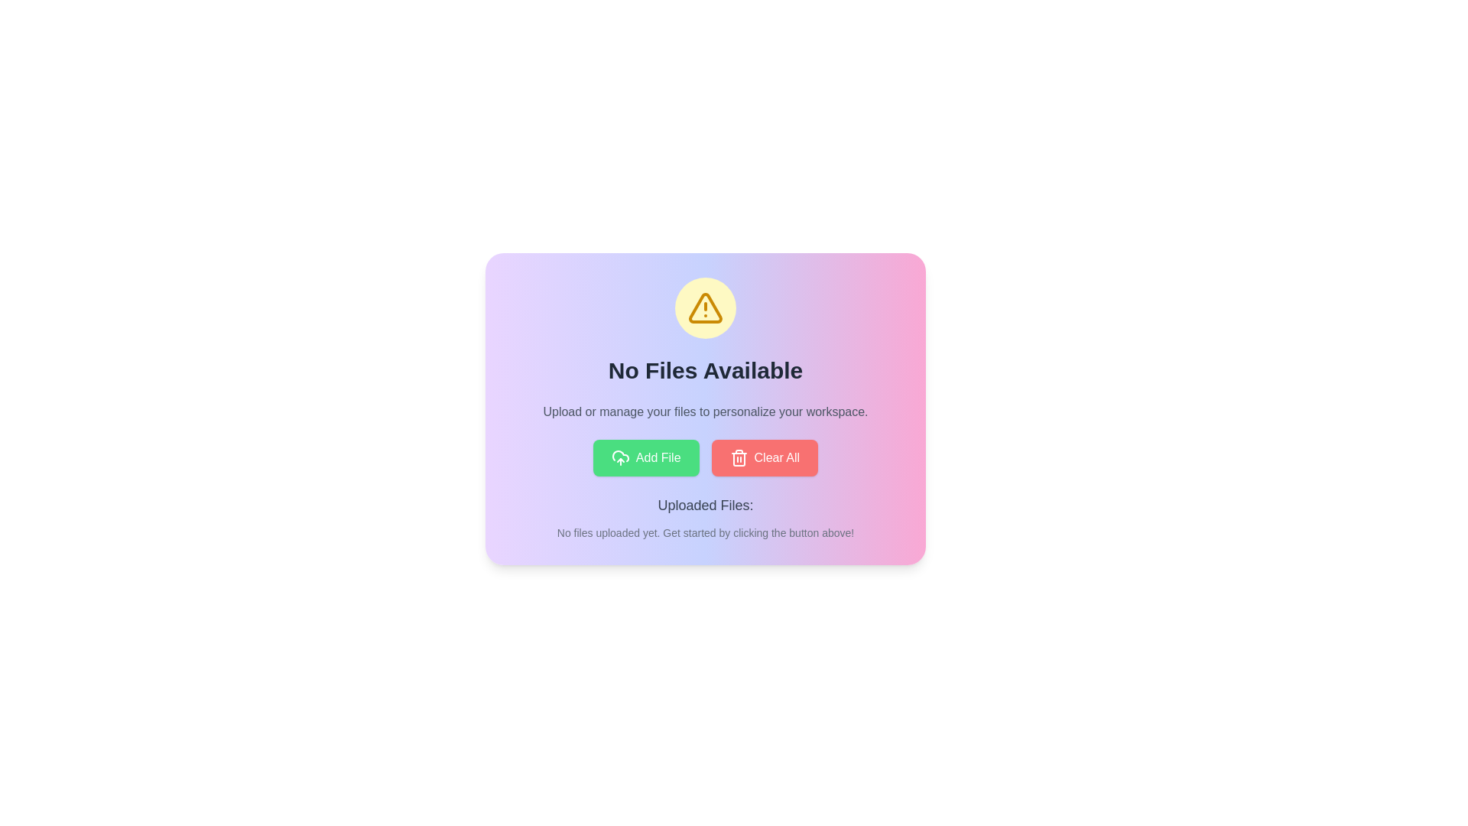 This screenshot has width=1468, height=826. What do you see at coordinates (704, 307) in the screenshot?
I see `the triangular alert icon with a yellow foreground and white background, which features a warning symbol (exclamation mark) at the center, located at the top-center of an informational card` at bounding box center [704, 307].